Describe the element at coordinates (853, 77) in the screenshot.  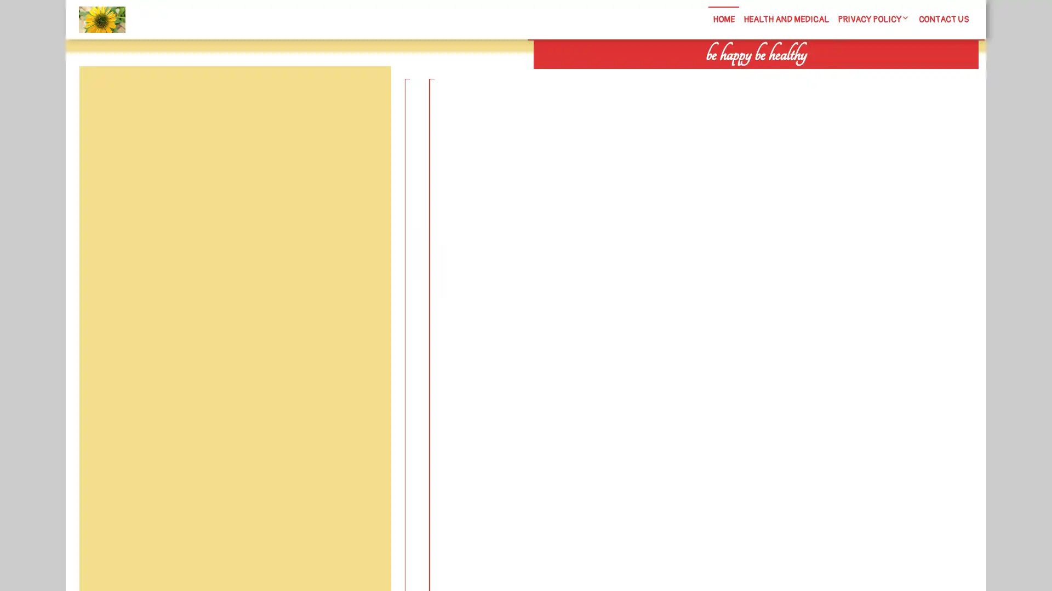
I see `Search` at that location.